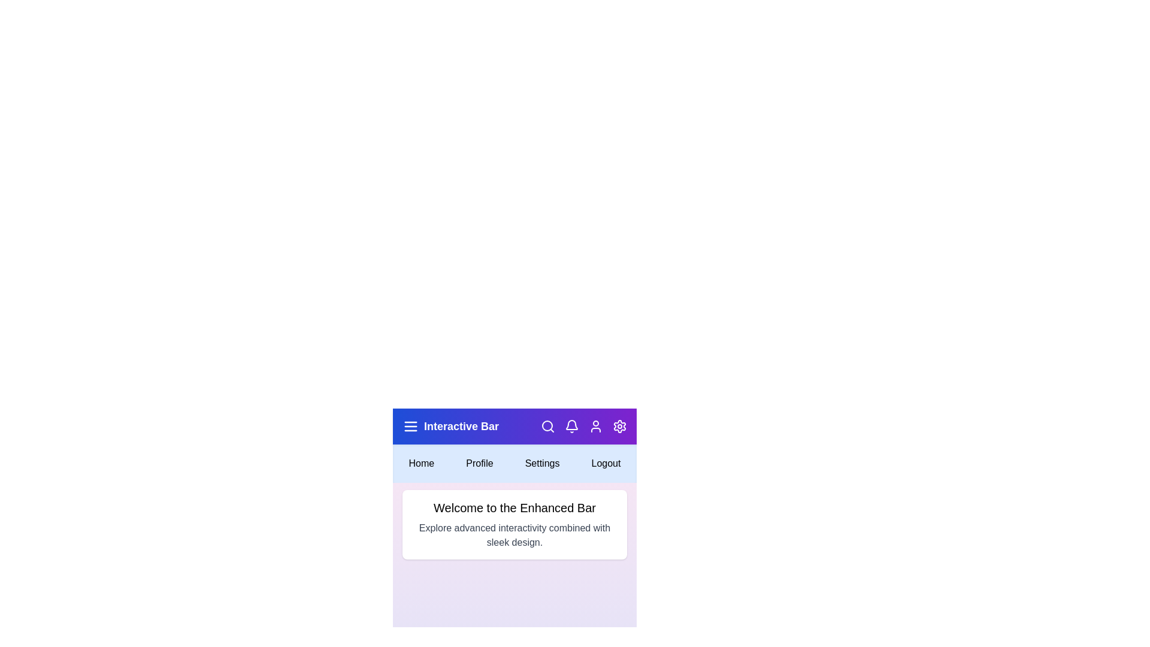 This screenshot has width=1150, height=647. Describe the element at coordinates (480, 463) in the screenshot. I see `the 'Profile' menu item in the navigation bar` at that location.